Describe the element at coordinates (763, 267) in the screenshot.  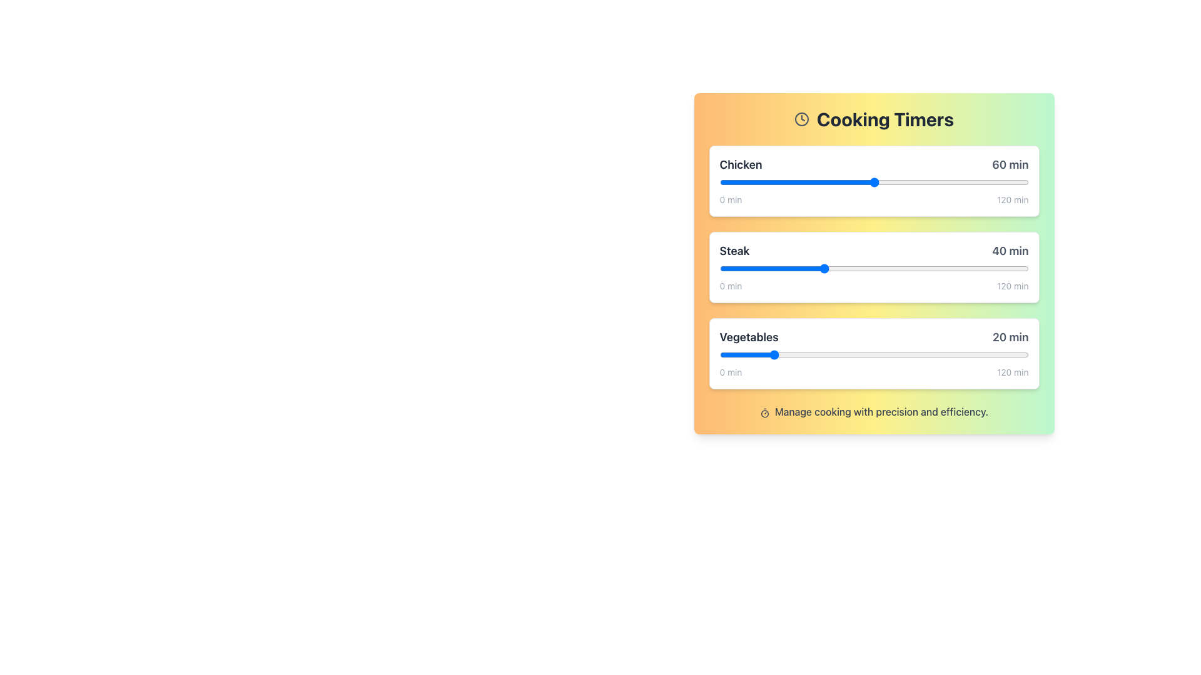
I see `the timer value for the slider` at that location.